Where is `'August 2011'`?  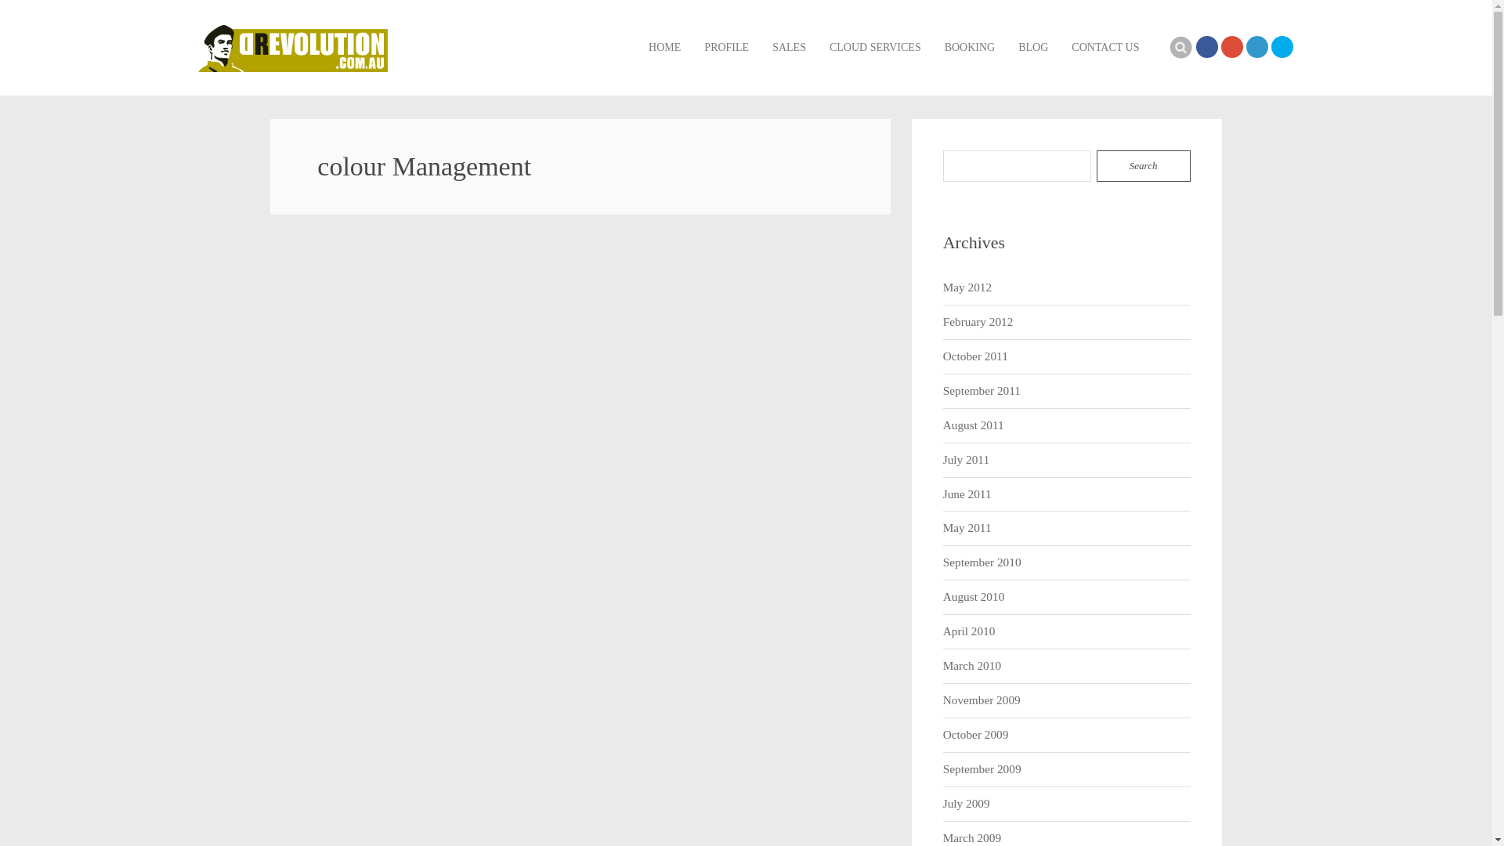 'August 2011' is located at coordinates (973, 425).